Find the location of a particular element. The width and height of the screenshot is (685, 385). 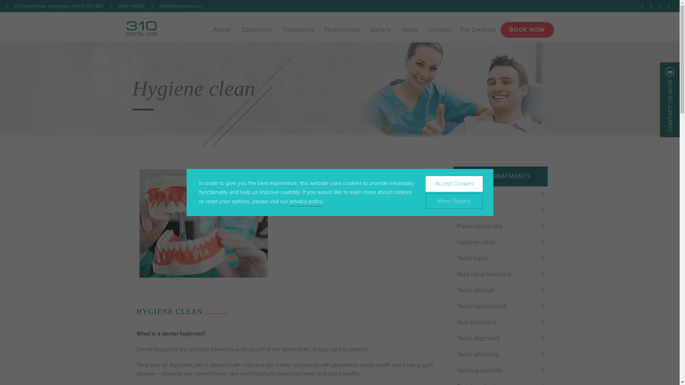

'Teeth whitening' is located at coordinates (499, 355).